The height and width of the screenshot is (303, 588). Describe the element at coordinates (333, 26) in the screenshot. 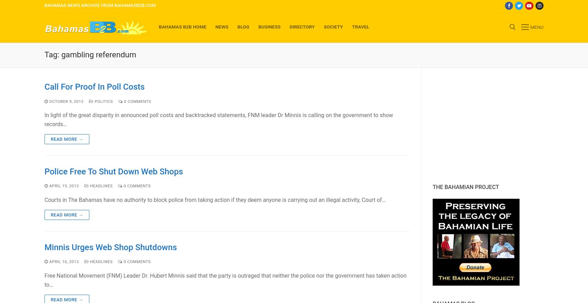

I see `'Society'` at that location.